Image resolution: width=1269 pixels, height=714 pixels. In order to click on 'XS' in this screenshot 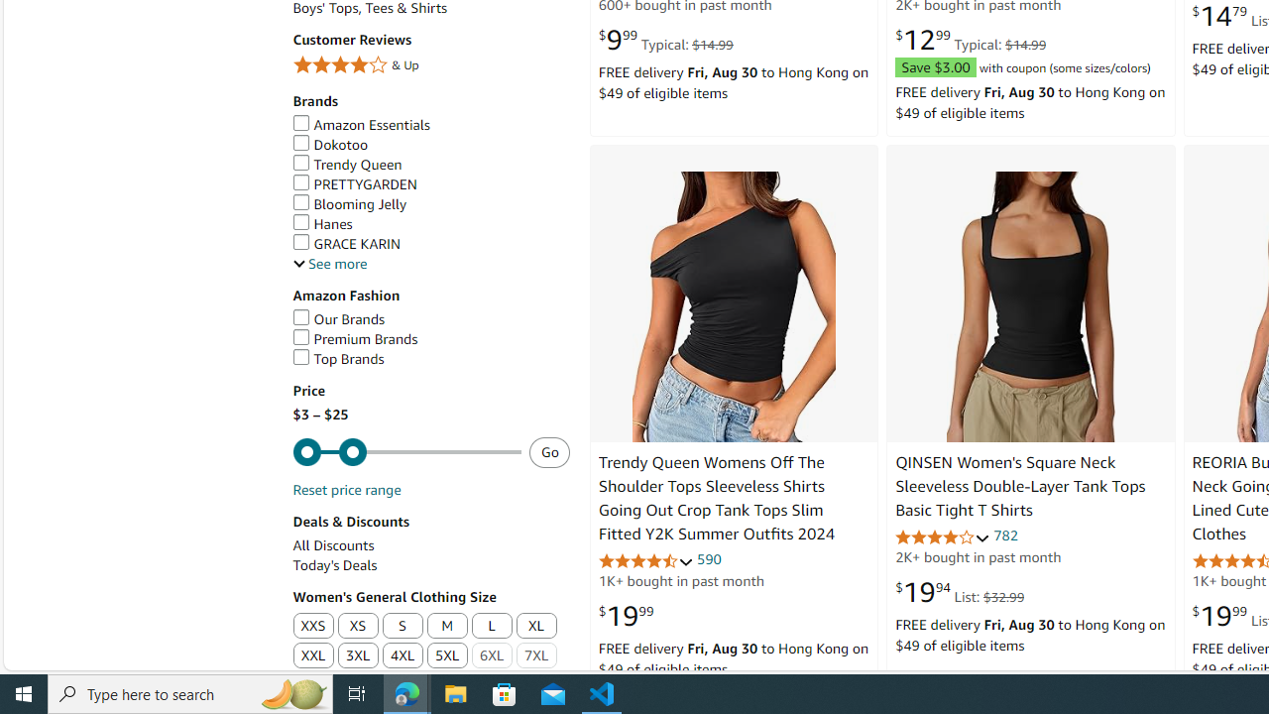, I will do `click(359, 627)`.